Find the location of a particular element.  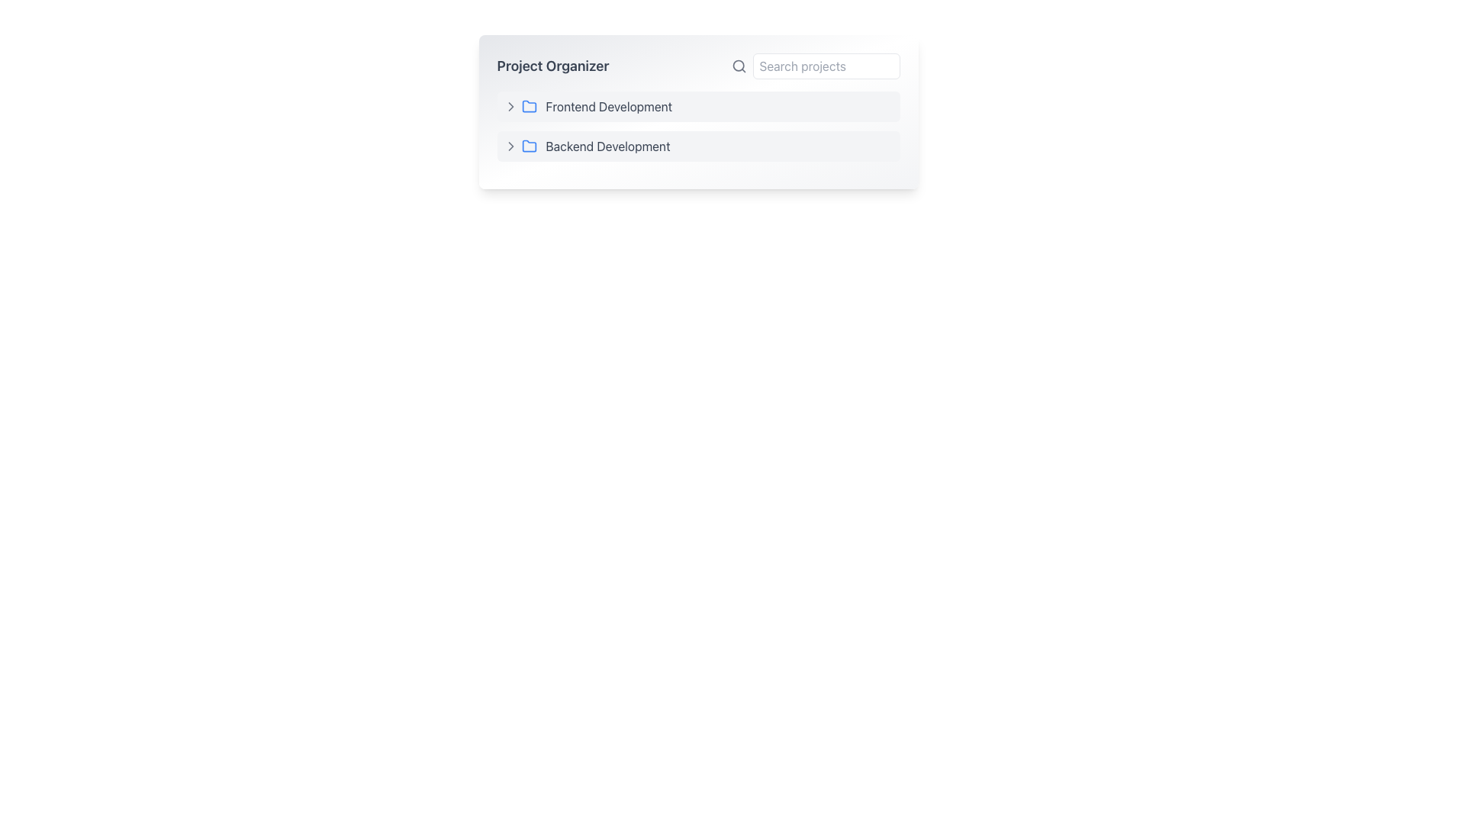

the search input field labeled 'Search projects' located in the header section of 'Project Organizer' is located at coordinates (815, 66).